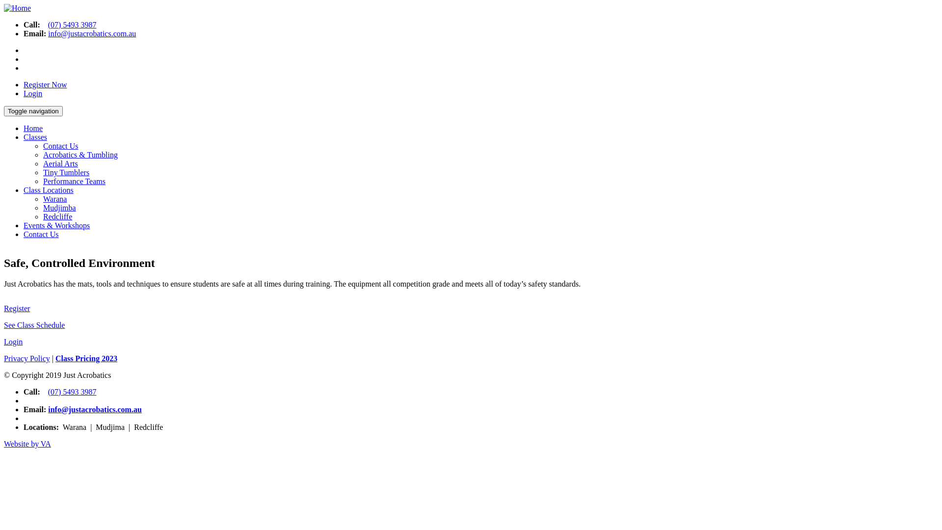 The width and height of the screenshot is (942, 530). I want to click on 'Acrobatics & Tumbling', so click(80, 155).